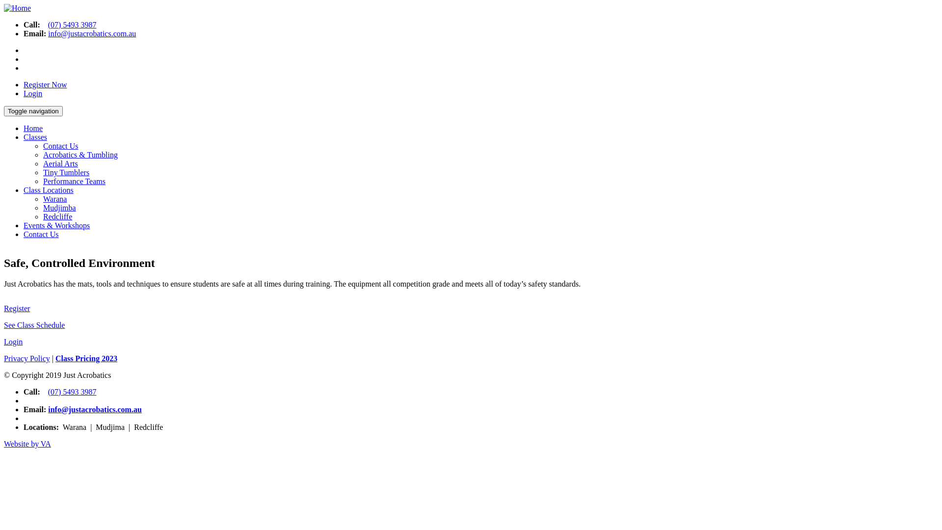 The width and height of the screenshot is (942, 530). I want to click on 'Acrobatics & Tumbling', so click(80, 155).